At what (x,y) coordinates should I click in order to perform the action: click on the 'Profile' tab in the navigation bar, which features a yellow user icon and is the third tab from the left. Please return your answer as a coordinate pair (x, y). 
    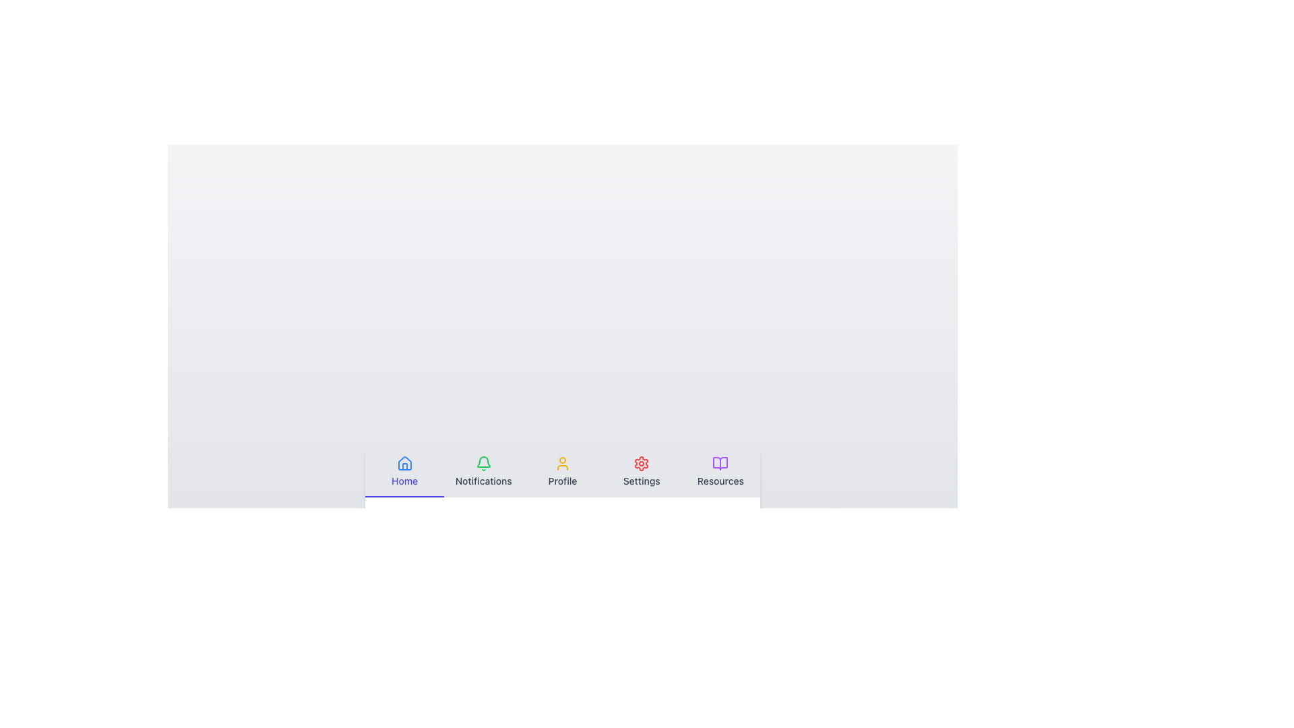
    Looking at the image, I should click on (563, 472).